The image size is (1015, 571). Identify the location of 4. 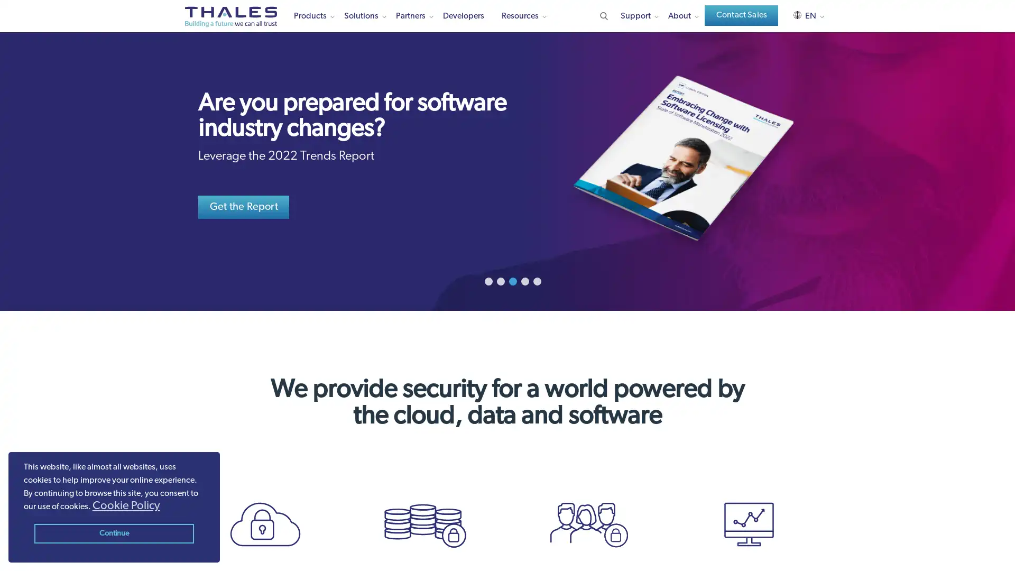
(524, 281).